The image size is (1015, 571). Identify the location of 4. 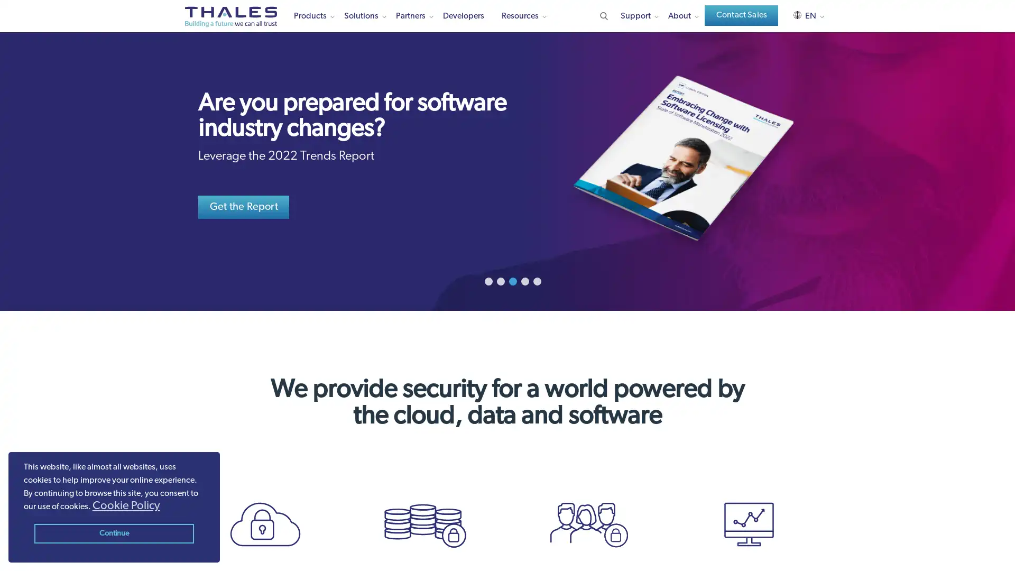
(524, 281).